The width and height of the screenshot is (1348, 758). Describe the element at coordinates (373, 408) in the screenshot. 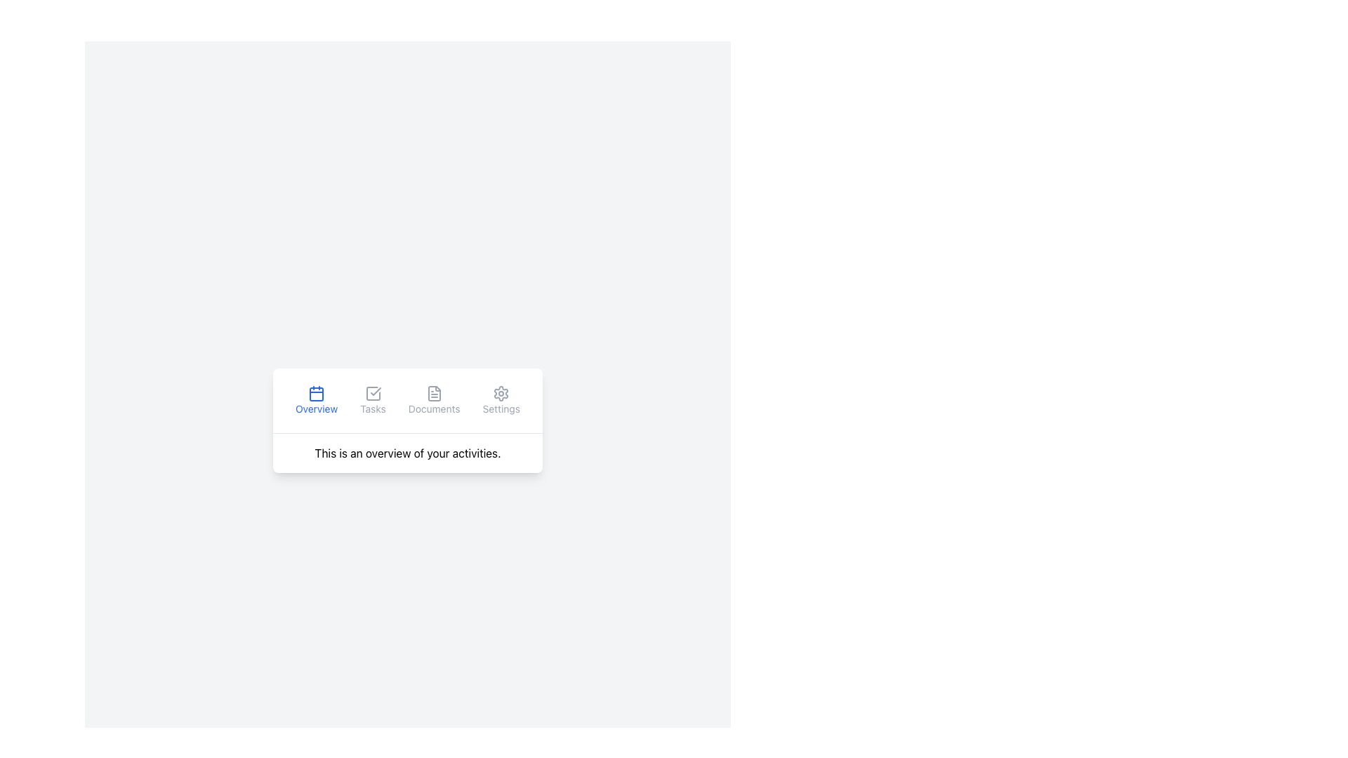

I see `text on the 'Tasks' label, which is styled in light gray and located below a checkmark icon within a navigation item` at that location.